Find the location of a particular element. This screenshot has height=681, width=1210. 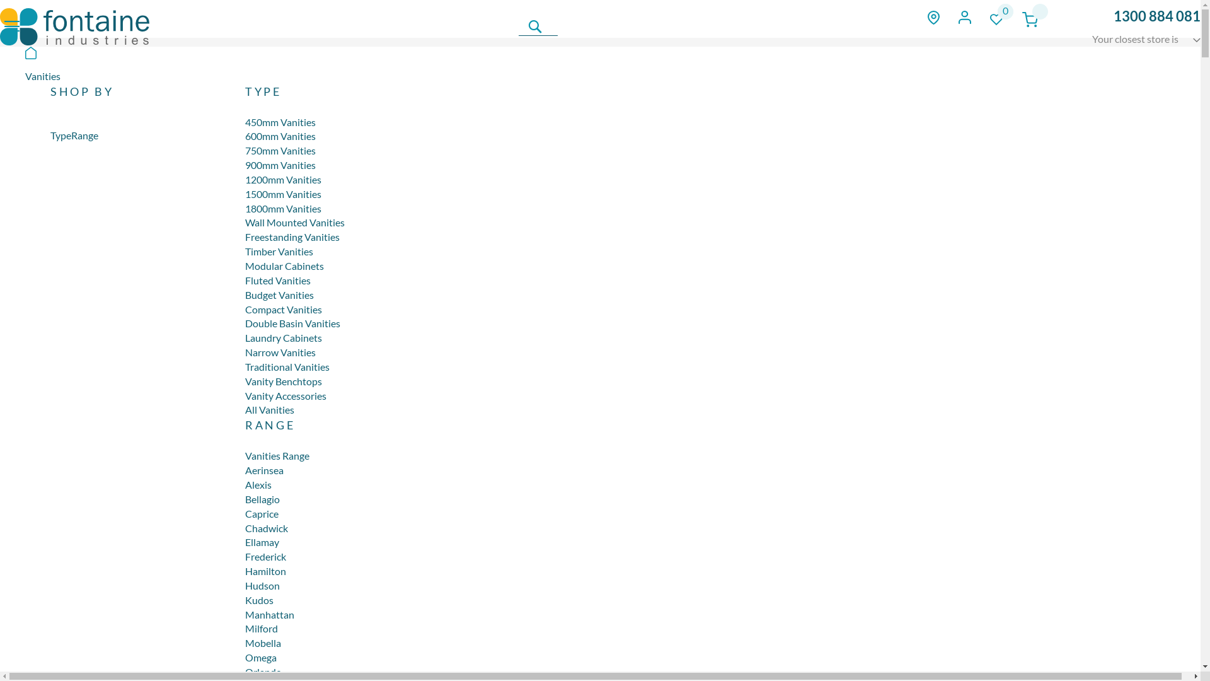

'Kudos' is located at coordinates (258, 599).